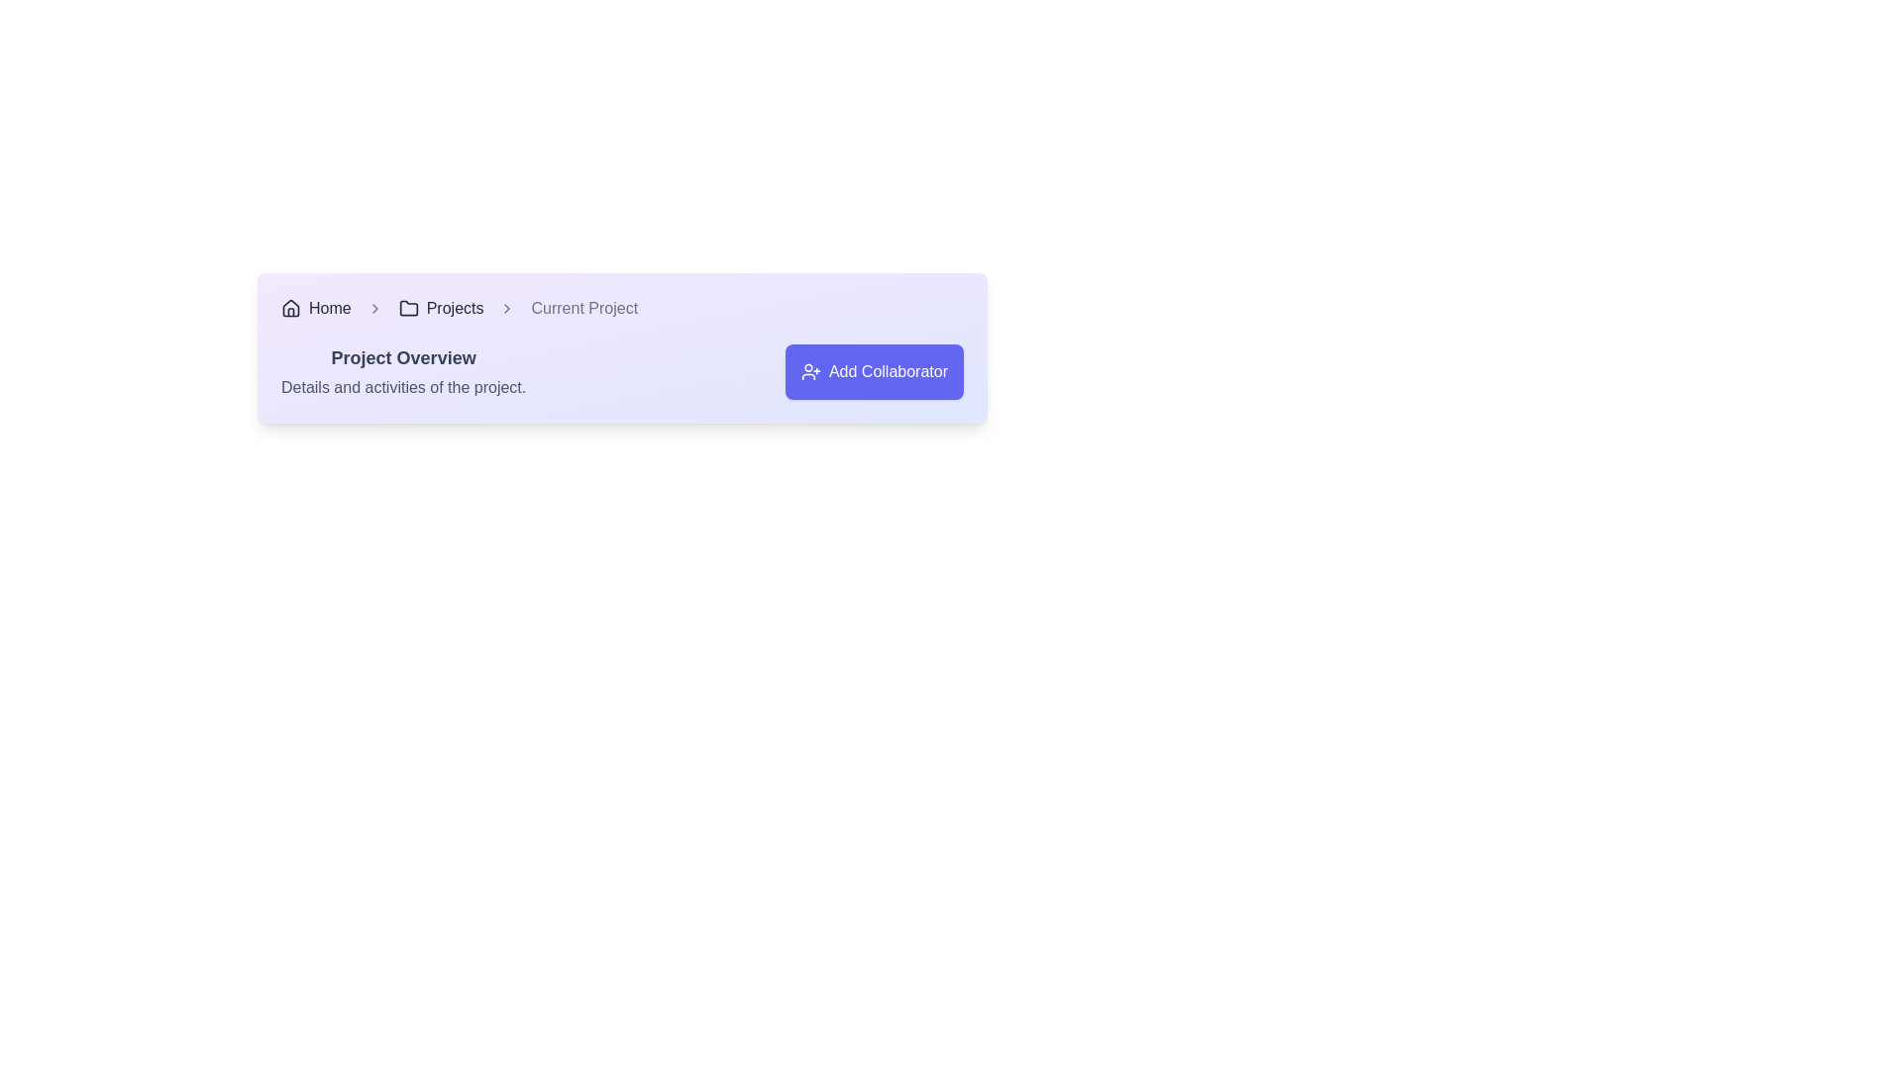 This screenshot has height=1069, width=1902. What do you see at coordinates (507, 309) in the screenshot?
I see `the small gray chevron arrow icon located in the breadcrumb navigation bar, positioned between 'Projects' and 'Current Project'` at bounding box center [507, 309].